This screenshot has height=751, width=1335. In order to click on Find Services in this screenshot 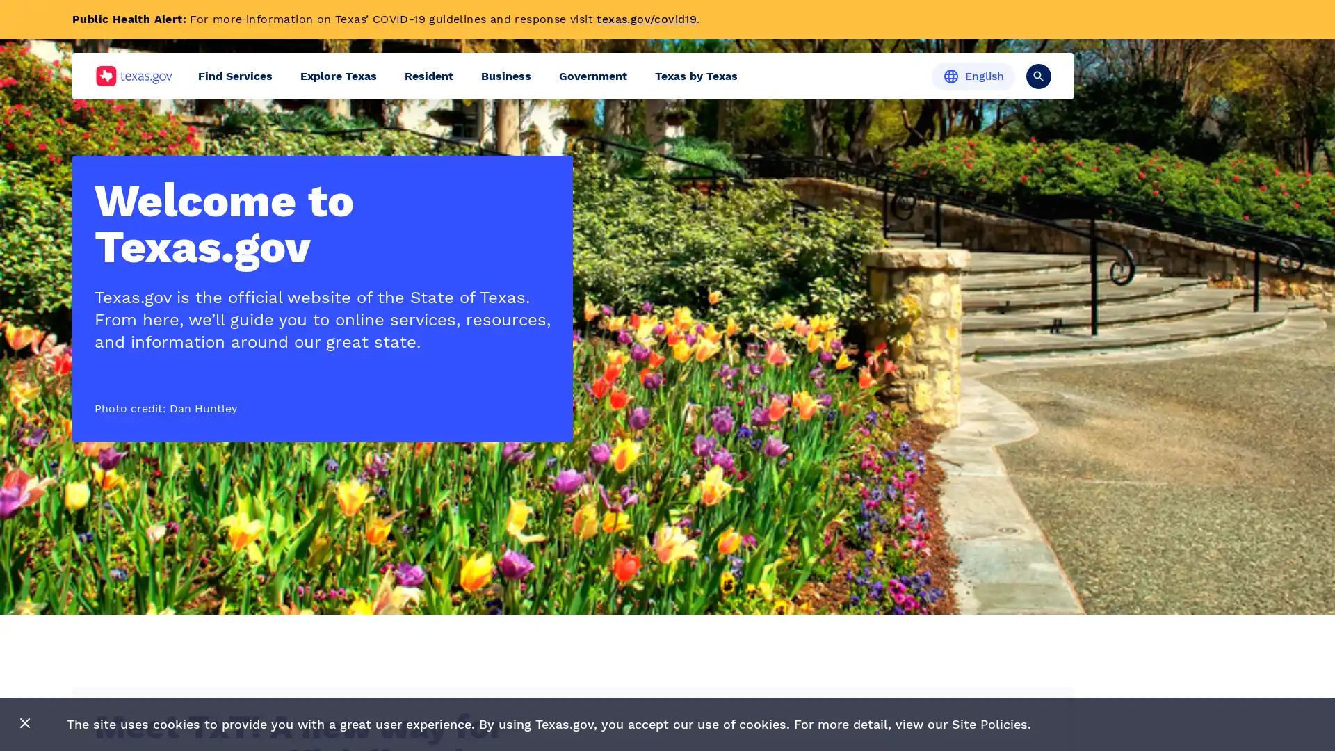, I will do `click(235, 76)`.